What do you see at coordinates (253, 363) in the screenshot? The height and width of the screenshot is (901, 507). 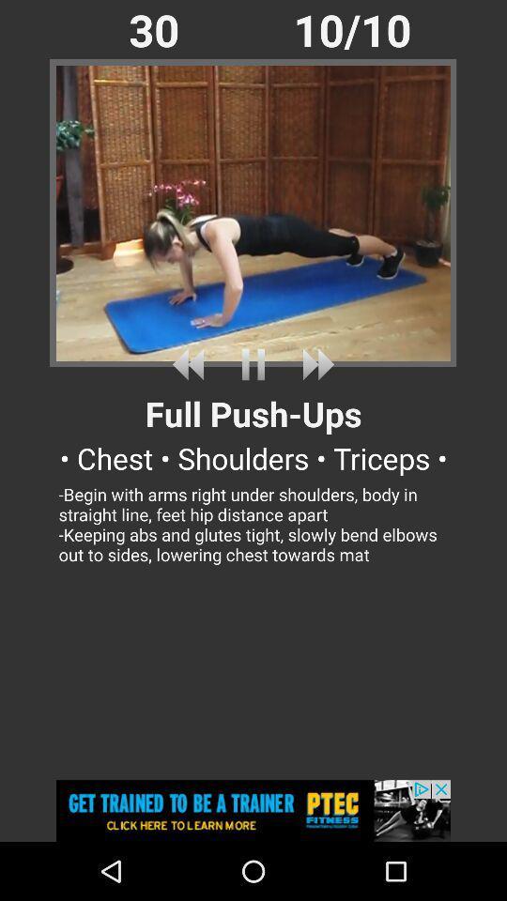 I see `pause playback` at bounding box center [253, 363].